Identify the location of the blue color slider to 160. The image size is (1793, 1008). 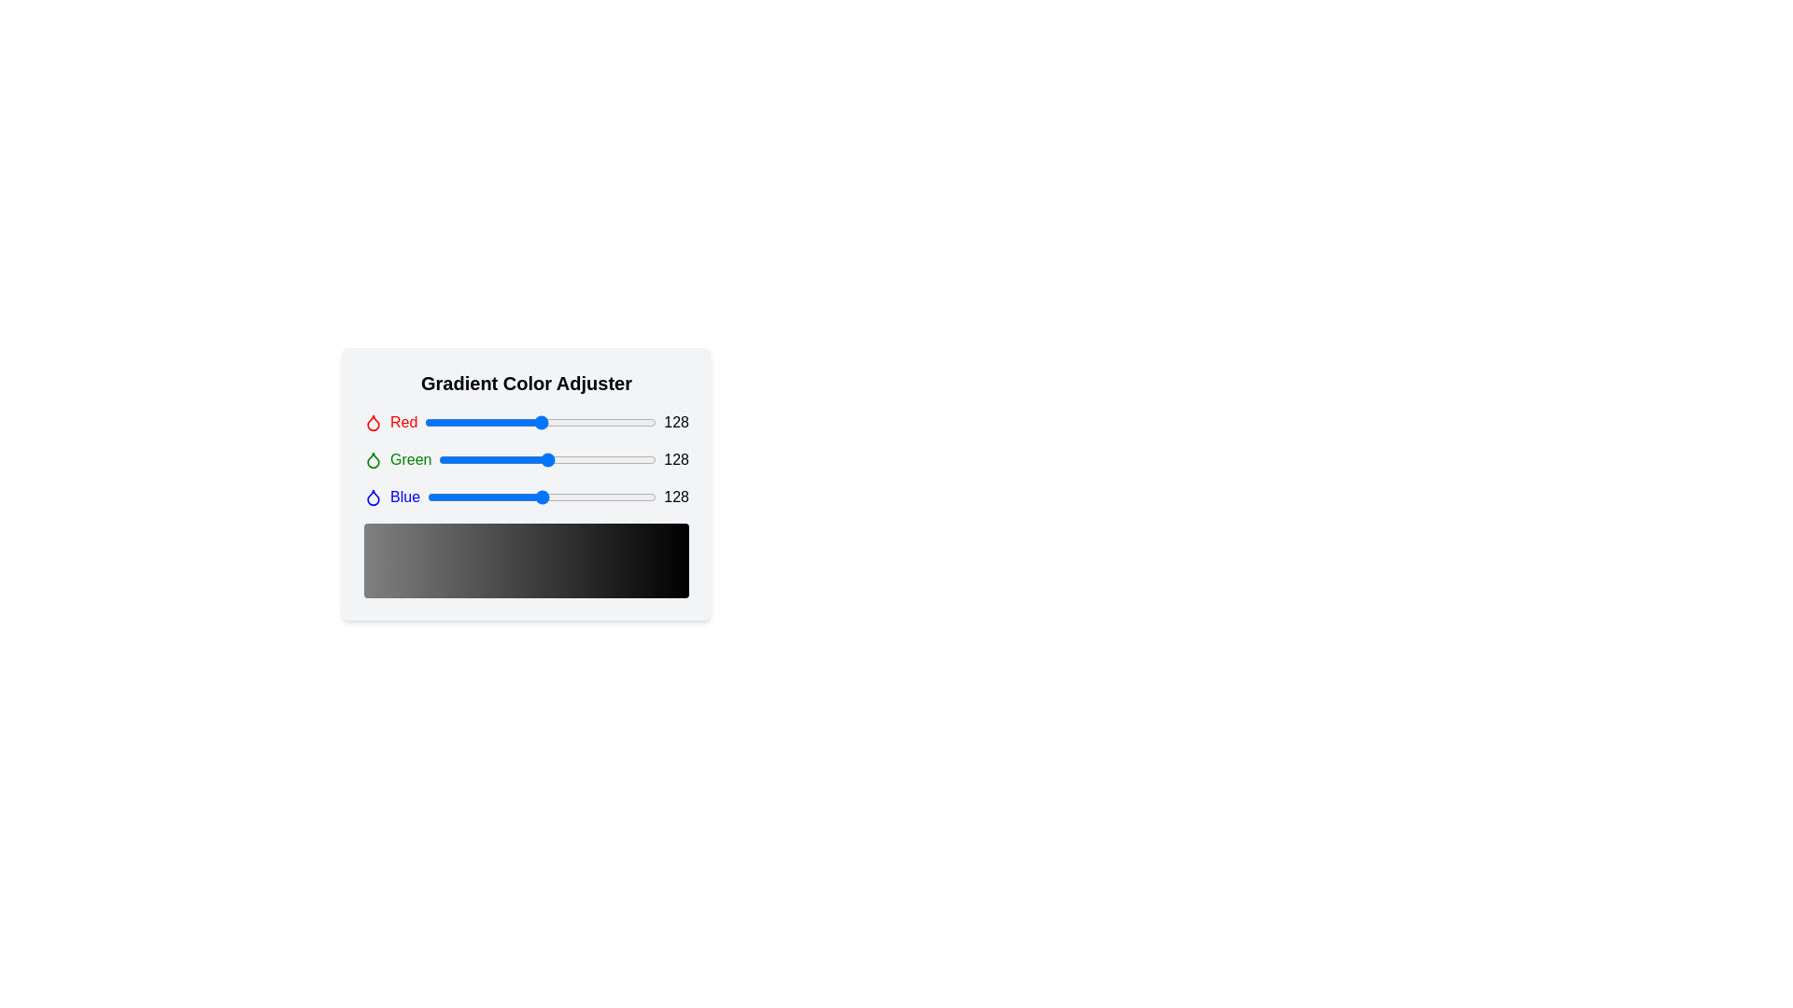
(570, 496).